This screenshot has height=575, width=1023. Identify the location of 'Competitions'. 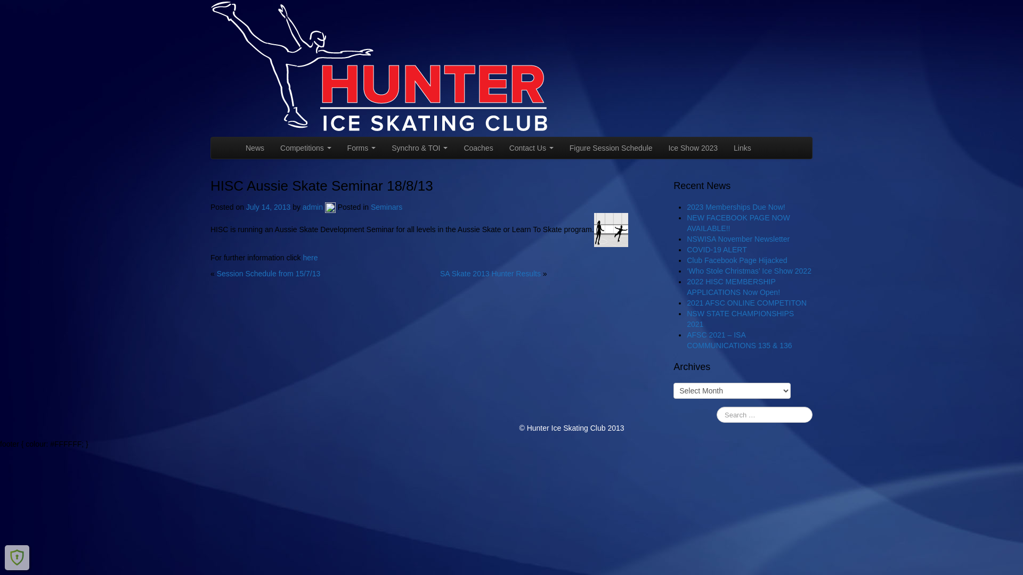
(305, 147).